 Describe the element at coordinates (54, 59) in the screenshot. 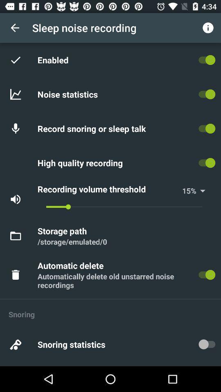

I see `the item below the sleep noise recording icon` at that location.